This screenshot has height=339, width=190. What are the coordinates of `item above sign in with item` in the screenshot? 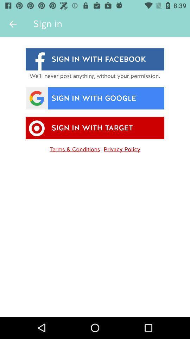 It's located at (13, 24).